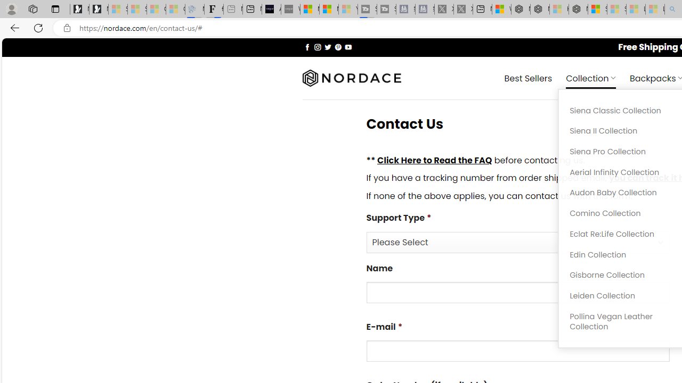 The height and width of the screenshot is (383, 682). What do you see at coordinates (463, 9) in the screenshot?
I see `'X - Sleeping'` at bounding box center [463, 9].